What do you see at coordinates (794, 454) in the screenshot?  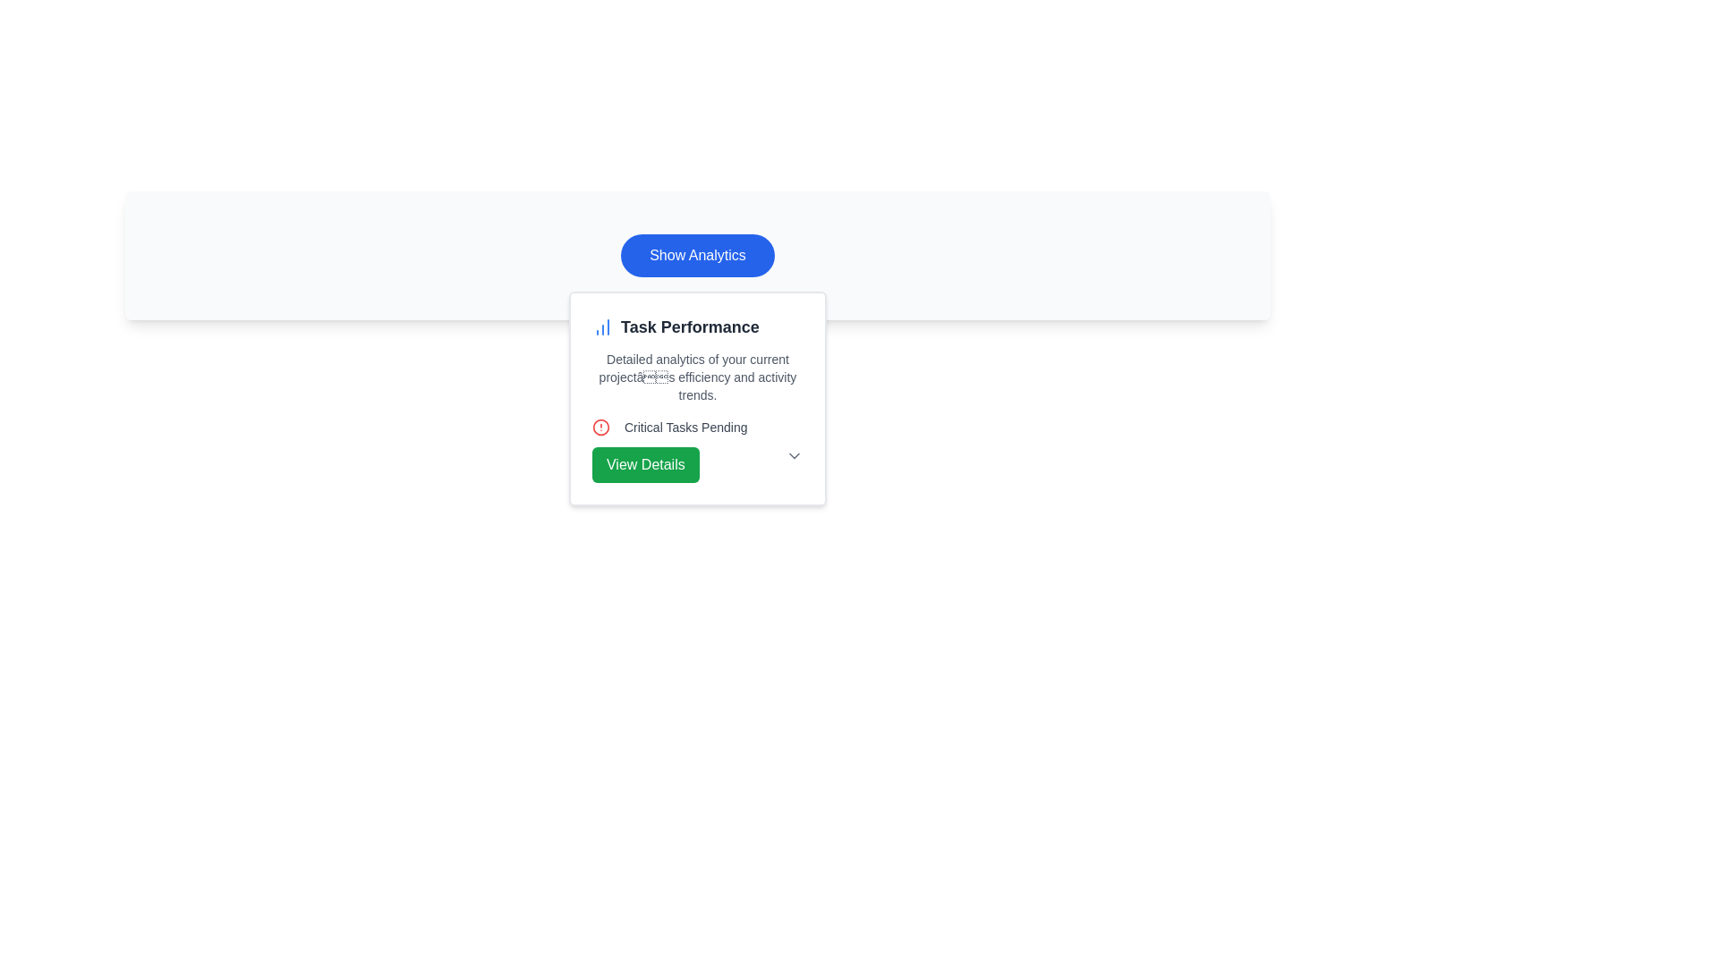 I see `the Dropdown indicator icon located at the far-right of the 'View Details' section, which is aligned with the green button labeled 'View Details'` at bounding box center [794, 454].